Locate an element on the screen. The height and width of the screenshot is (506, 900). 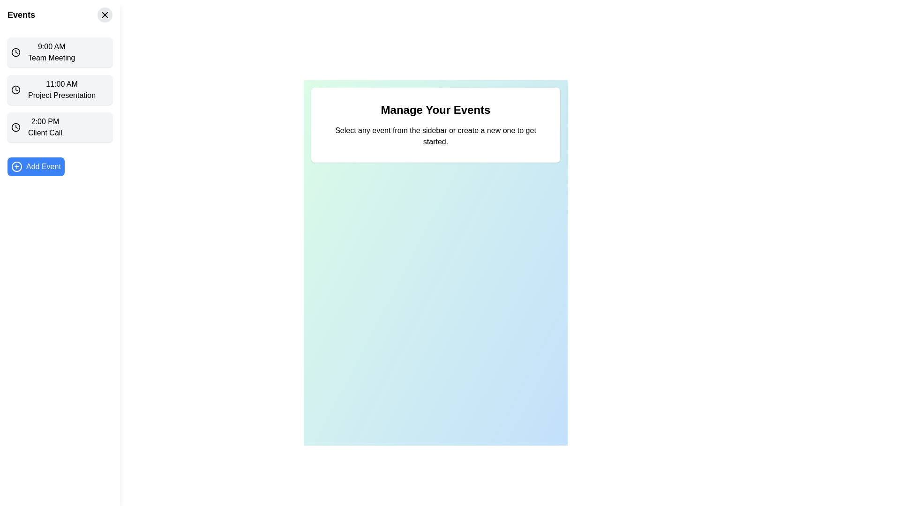
the small clock icon located at the top-left corner of the sidebar, next to the '11:00 AM' text for the '11:00 AM Project Presentation' event is located at coordinates (15, 90).